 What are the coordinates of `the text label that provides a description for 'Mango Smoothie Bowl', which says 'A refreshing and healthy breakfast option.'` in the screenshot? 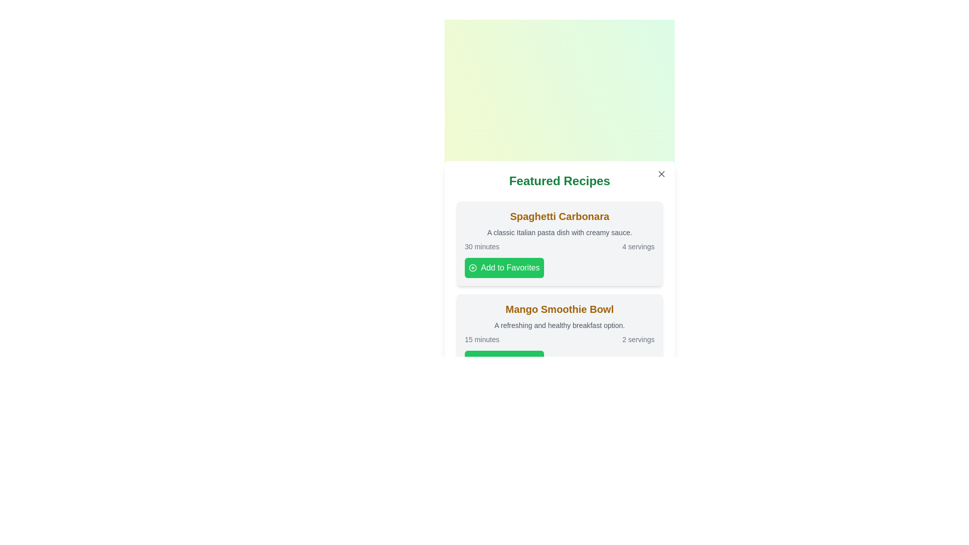 It's located at (559, 325).